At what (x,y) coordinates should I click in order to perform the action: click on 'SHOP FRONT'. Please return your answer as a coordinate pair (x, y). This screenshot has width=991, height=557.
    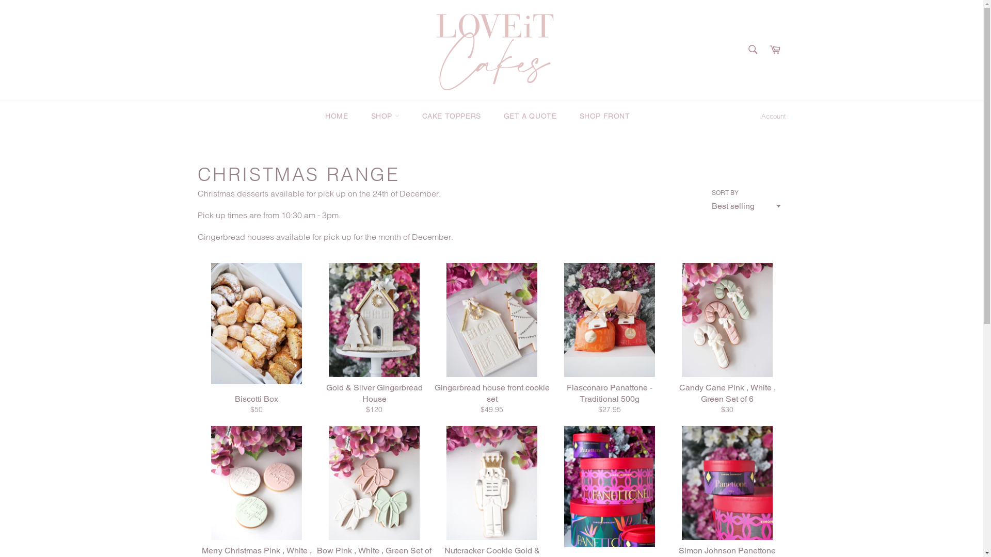
    Looking at the image, I should click on (604, 116).